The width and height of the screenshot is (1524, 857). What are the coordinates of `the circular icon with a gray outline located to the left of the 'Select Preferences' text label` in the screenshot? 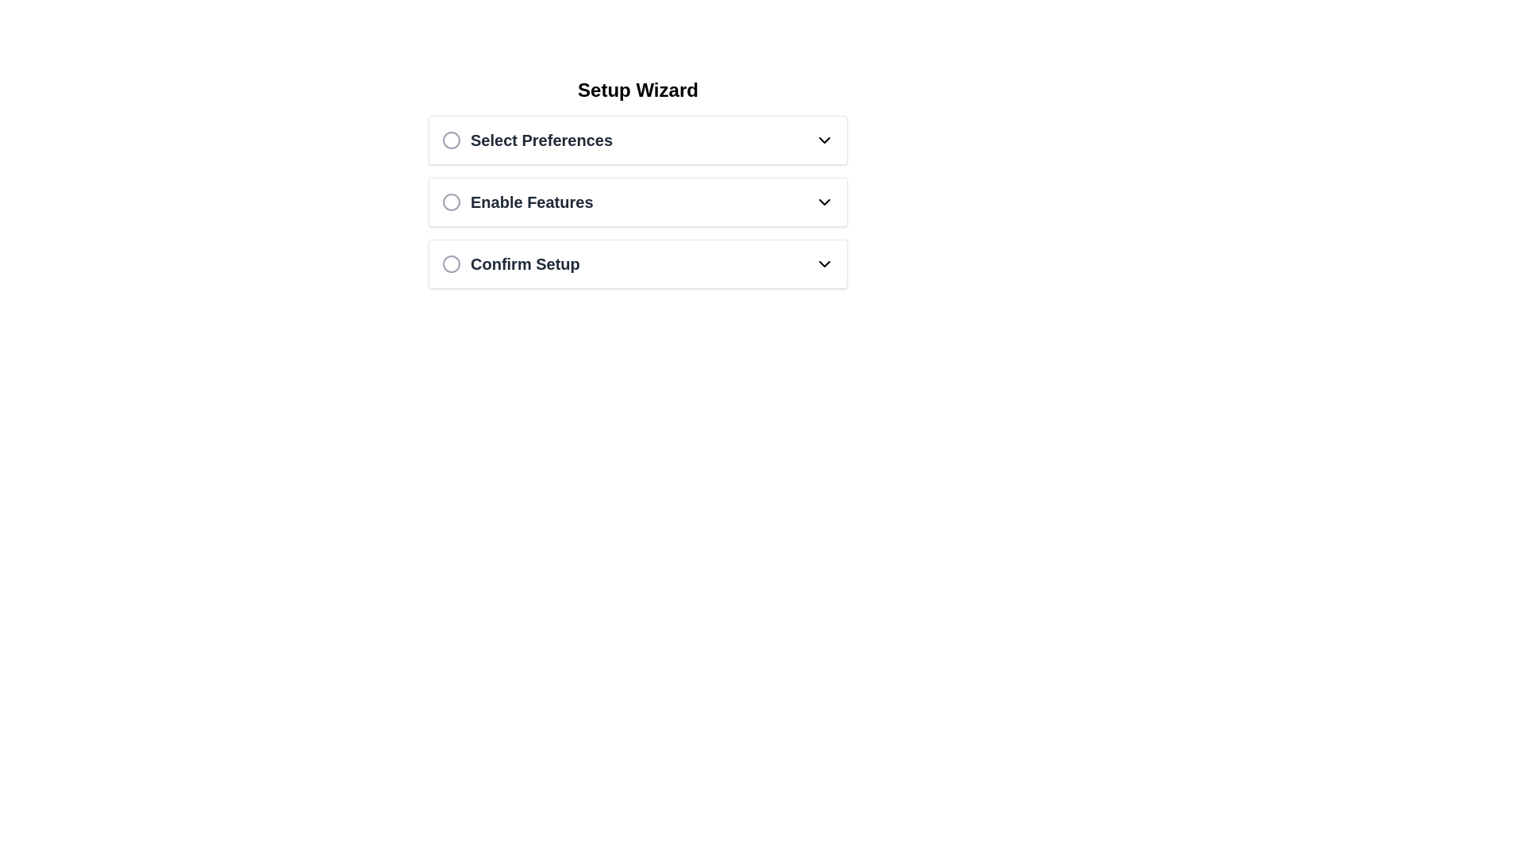 It's located at (451, 140).